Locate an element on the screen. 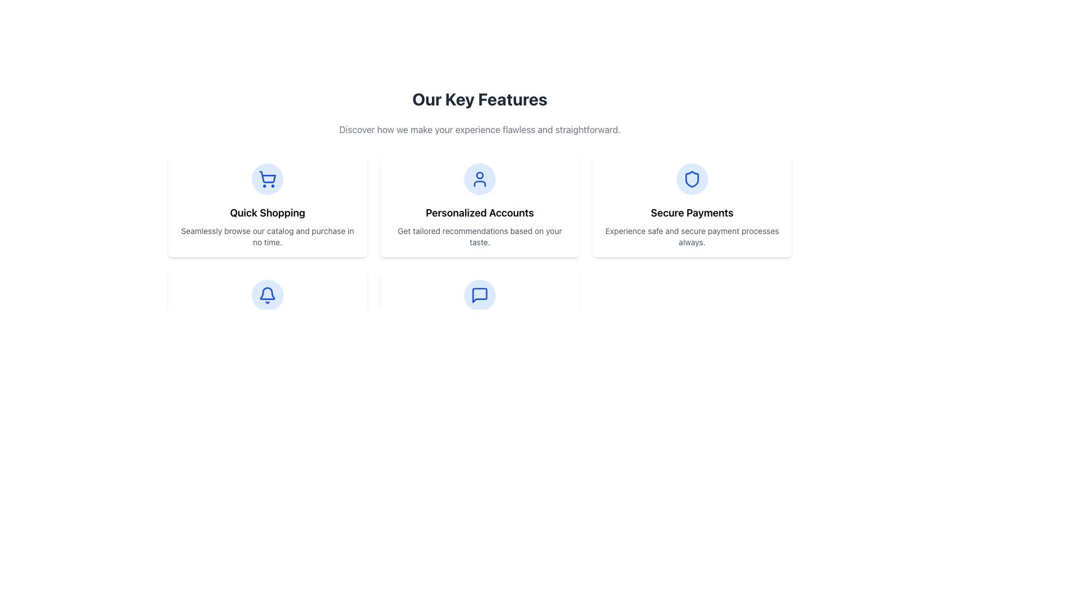 Image resolution: width=1084 pixels, height=609 pixels. the notification bell icon with a blue outline, which is centrally positioned above the text content in the leftmost column of the secondary row of elements is located at coordinates (267, 295).